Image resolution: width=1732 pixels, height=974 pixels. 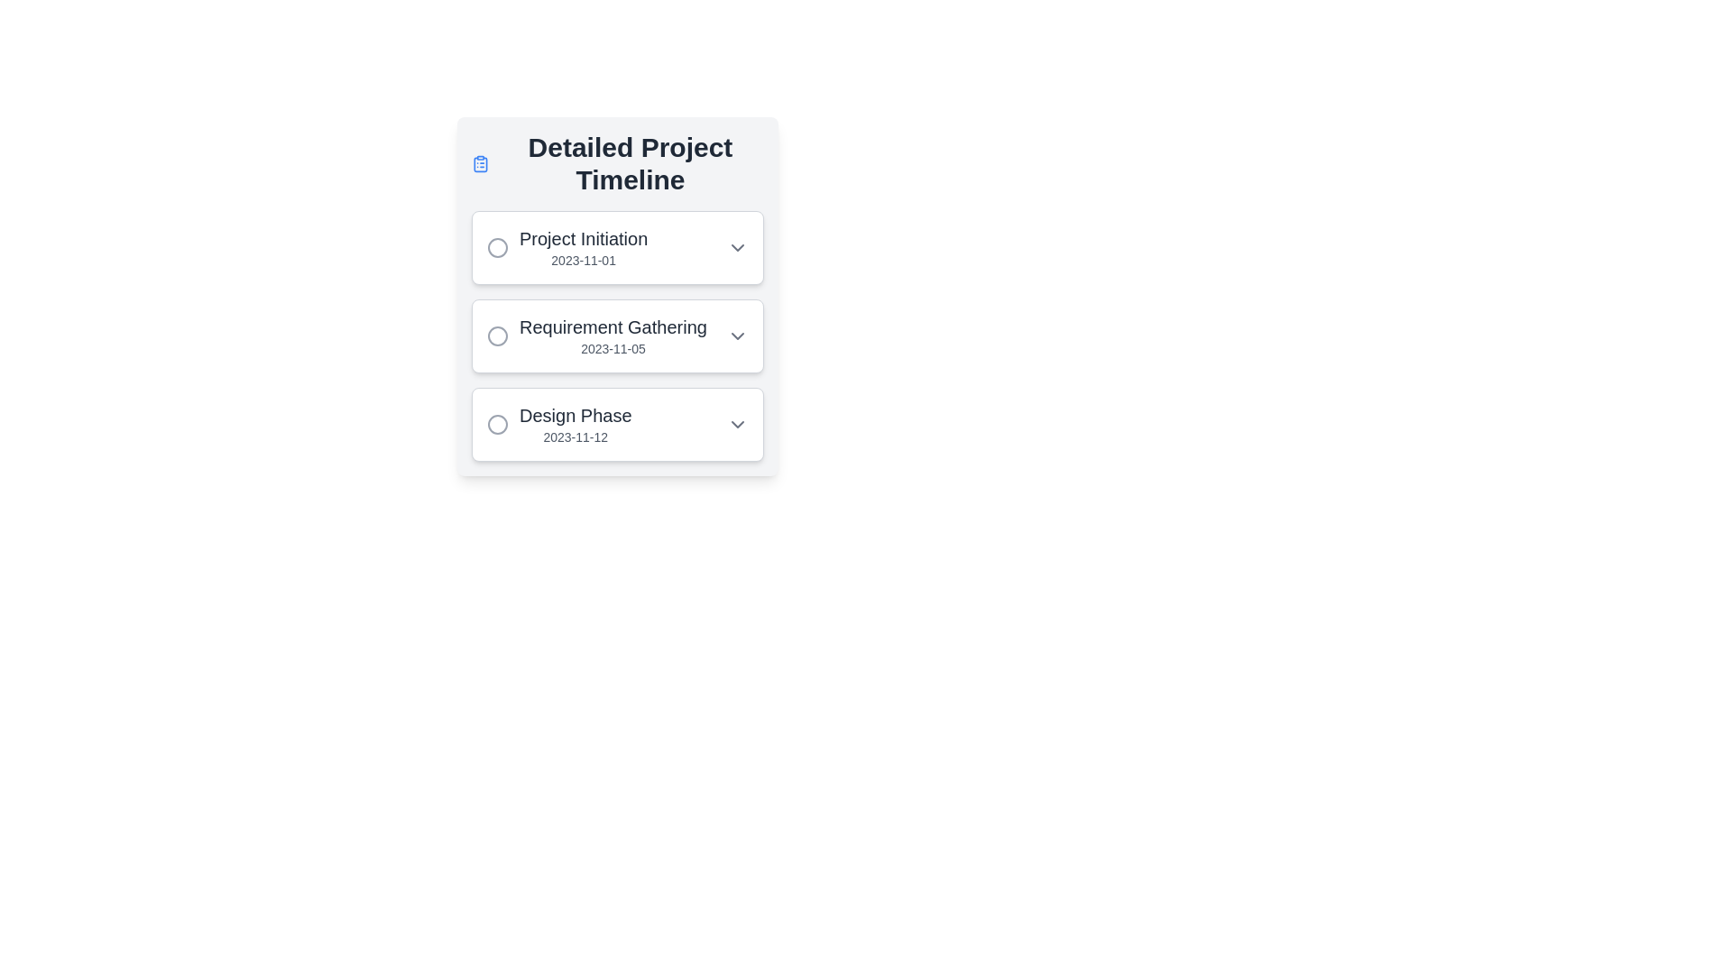 What do you see at coordinates (737, 247) in the screenshot?
I see `the icon button located in the first row of the 'Detailed Project Timeline' list, to the right of the 'Project Initiation' text` at bounding box center [737, 247].